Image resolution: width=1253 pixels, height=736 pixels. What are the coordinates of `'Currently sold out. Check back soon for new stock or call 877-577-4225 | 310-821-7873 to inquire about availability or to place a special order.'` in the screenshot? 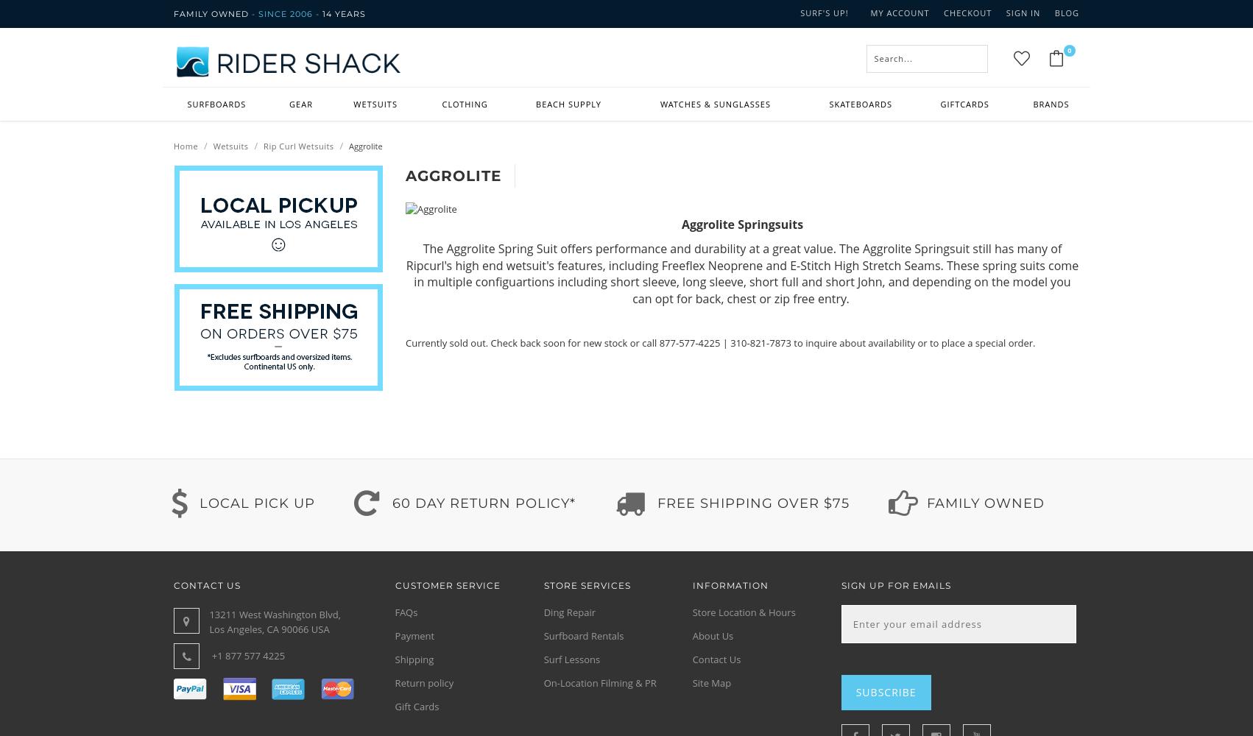 It's located at (720, 342).